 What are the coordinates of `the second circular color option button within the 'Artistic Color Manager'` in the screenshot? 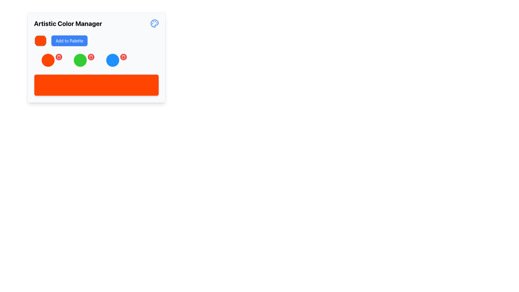 It's located at (80, 60).